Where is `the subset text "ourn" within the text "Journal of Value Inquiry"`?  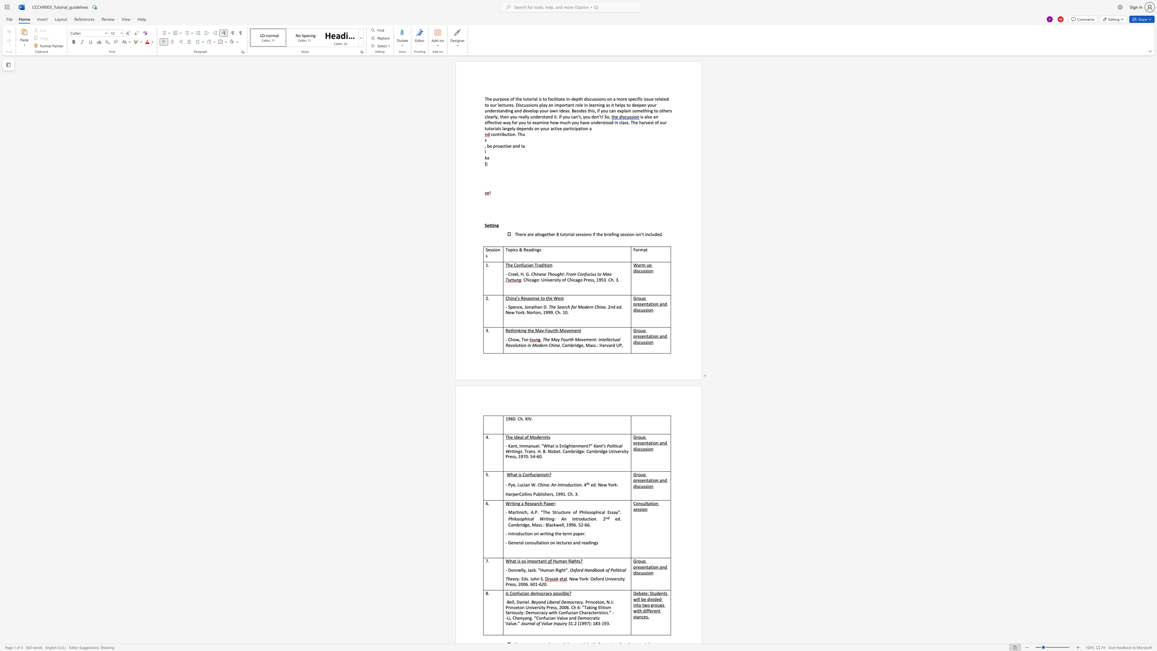
the subset text "ourn" within the text "Journal of Value Inquiry" is located at coordinates (522, 623).